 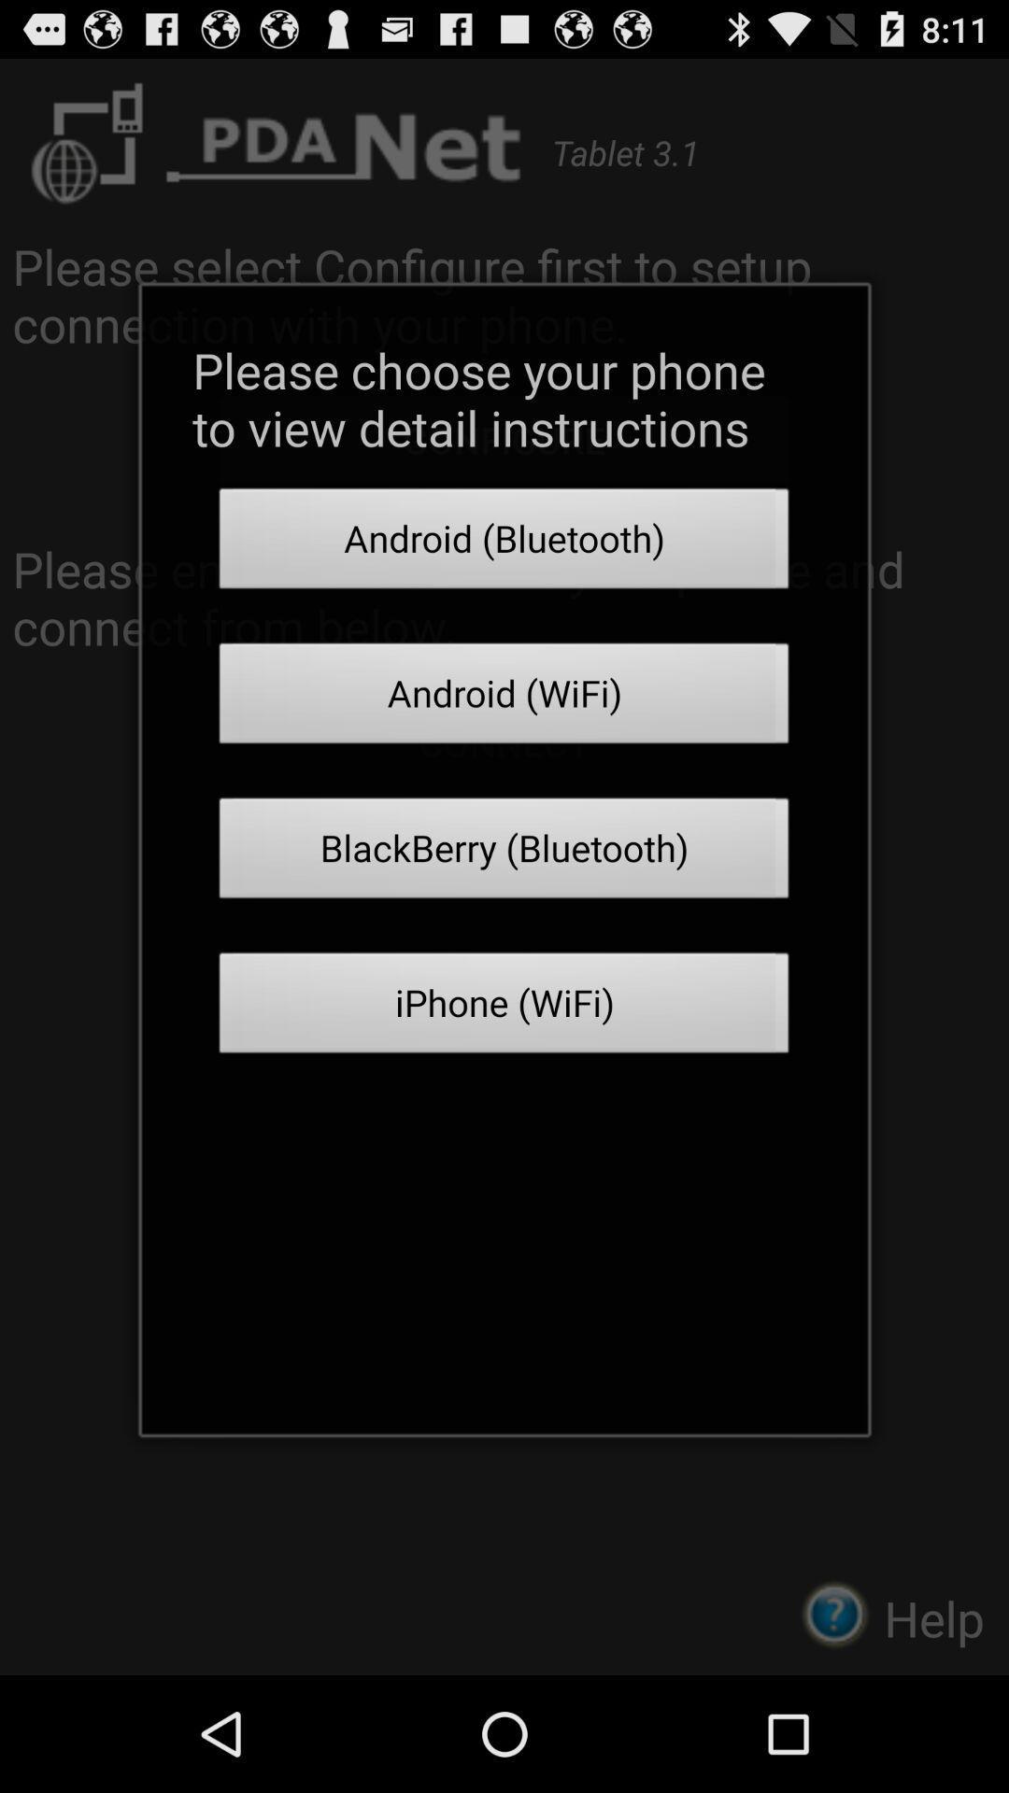 I want to click on the icon above the blackberry (bluetooth) icon, so click(x=504, y=698).